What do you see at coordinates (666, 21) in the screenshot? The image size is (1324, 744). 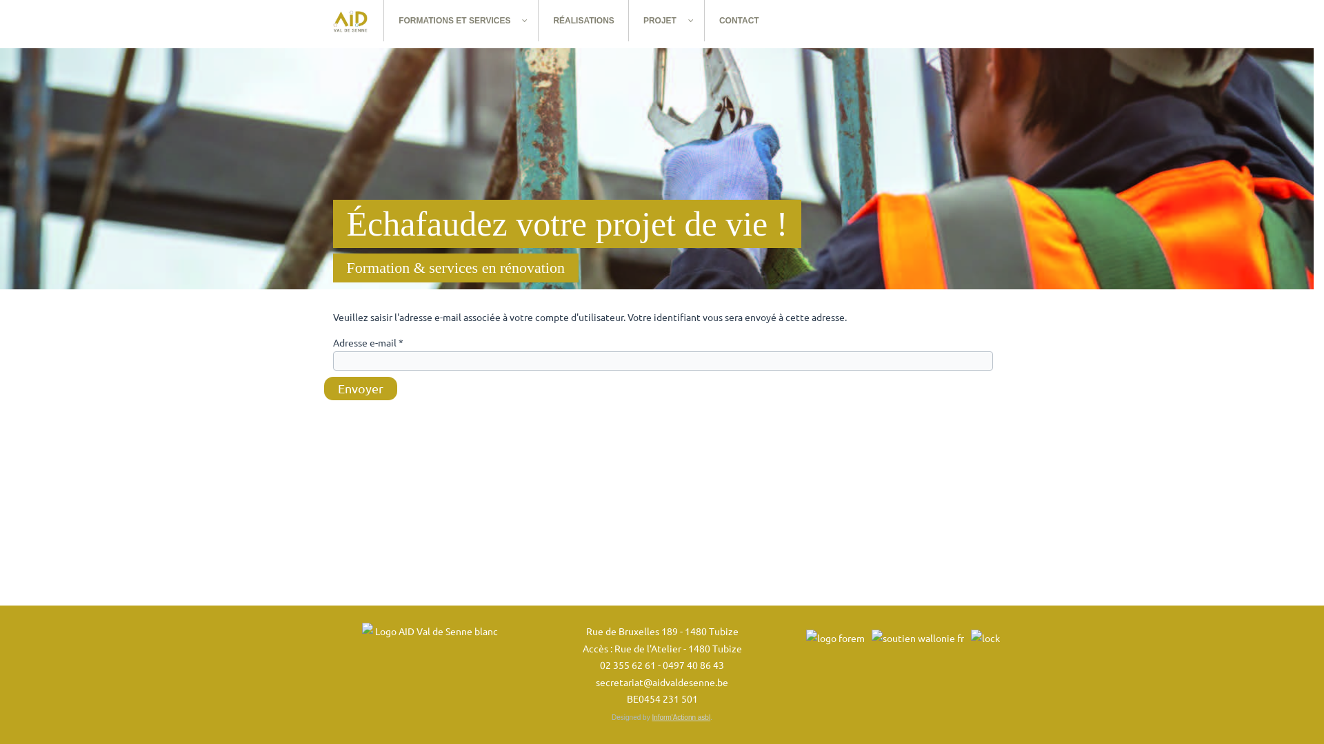 I see `'PROJET'` at bounding box center [666, 21].